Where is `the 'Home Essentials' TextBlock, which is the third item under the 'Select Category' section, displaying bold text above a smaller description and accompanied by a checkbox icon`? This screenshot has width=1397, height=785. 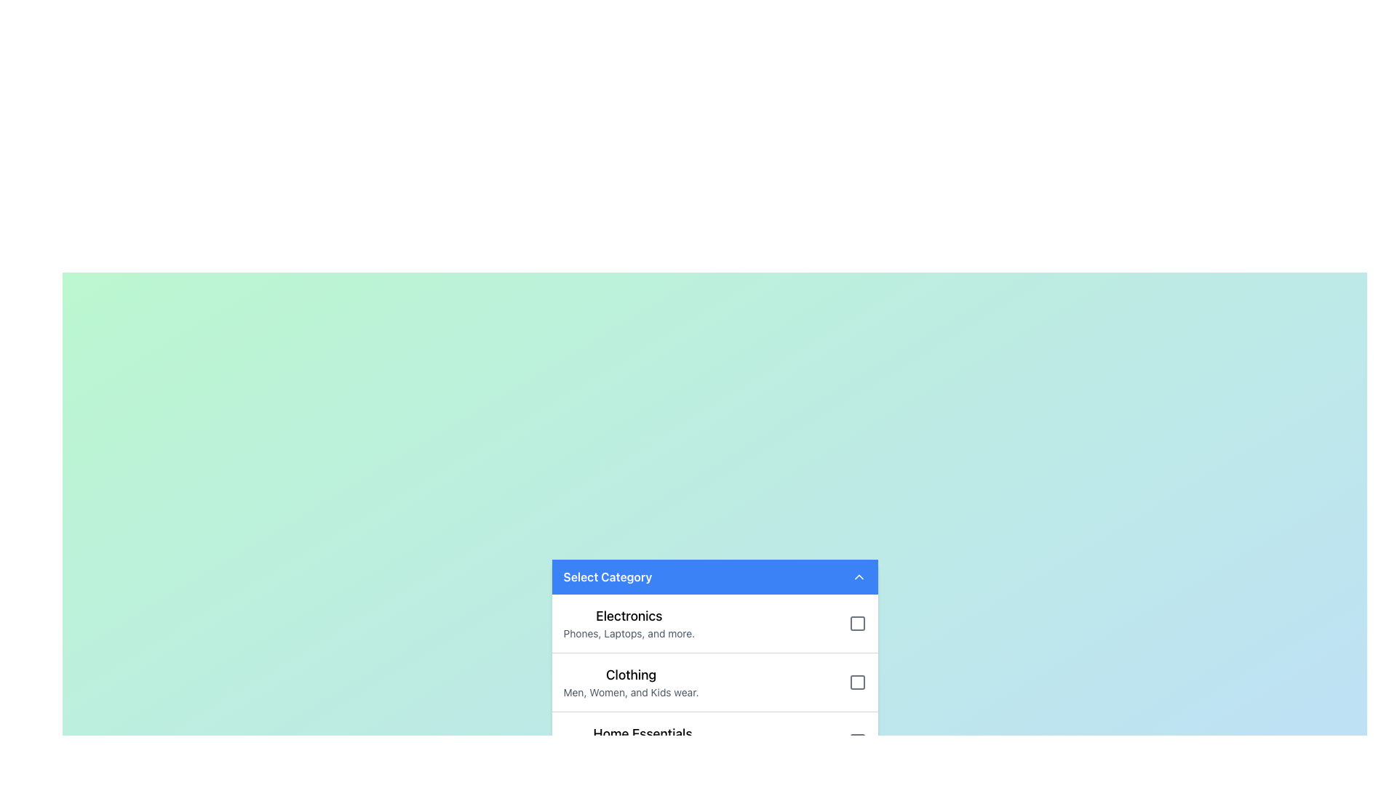 the 'Home Essentials' TextBlock, which is the third item under the 'Select Category' section, displaying bold text above a smaller description and accompanied by a checkbox icon is located at coordinates (642, 741).